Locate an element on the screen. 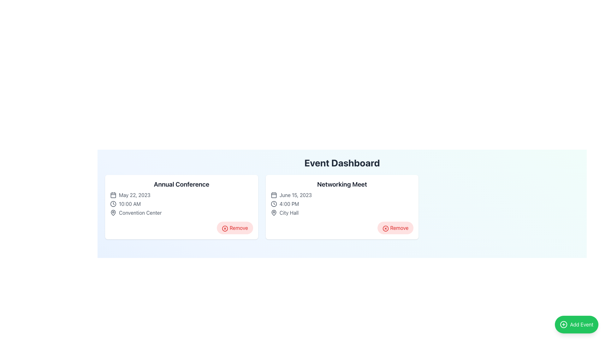 The height and width of the screenshot is (341, 606). the calendar date icon located within the second card labeled 'Networking Meet', positioned to the left of the text 'June 15, 2023' is located at coordinates (274, 194).